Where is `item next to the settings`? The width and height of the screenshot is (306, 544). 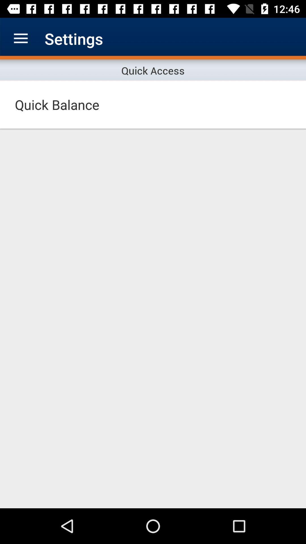
item next to the settings is located at coordinates (20, 38).